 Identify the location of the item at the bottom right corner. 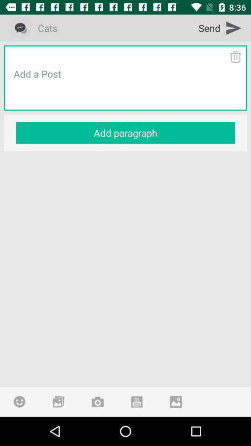
(176, 401).